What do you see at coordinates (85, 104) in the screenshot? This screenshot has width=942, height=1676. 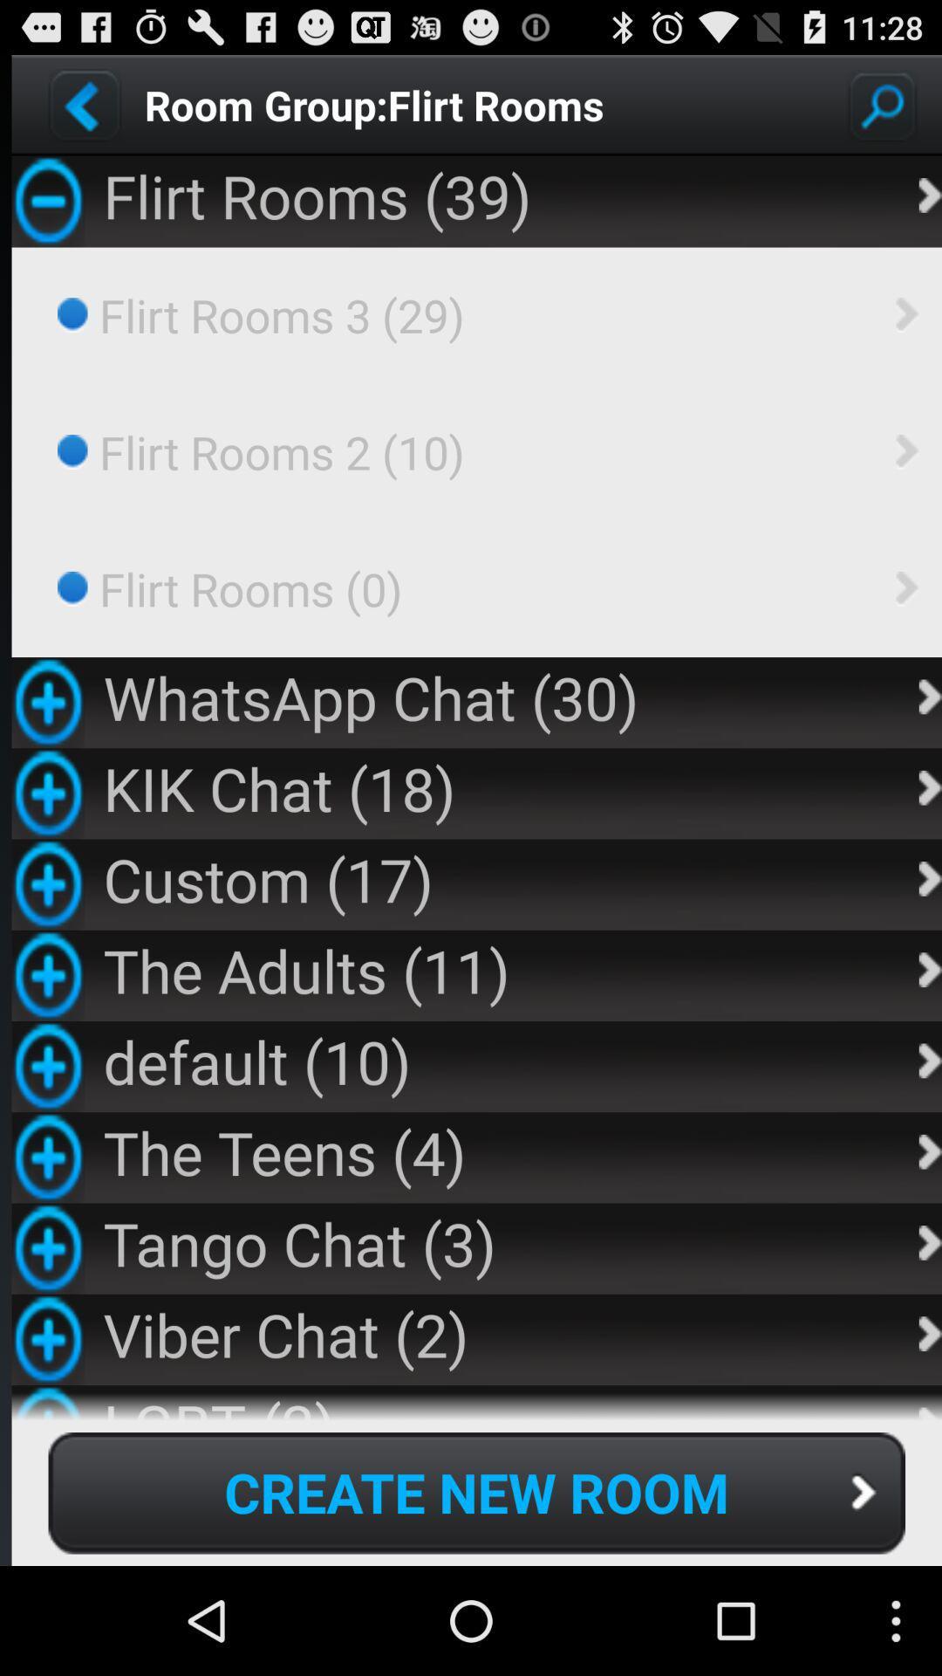 I see `go back` at bounding box center [85, 104].